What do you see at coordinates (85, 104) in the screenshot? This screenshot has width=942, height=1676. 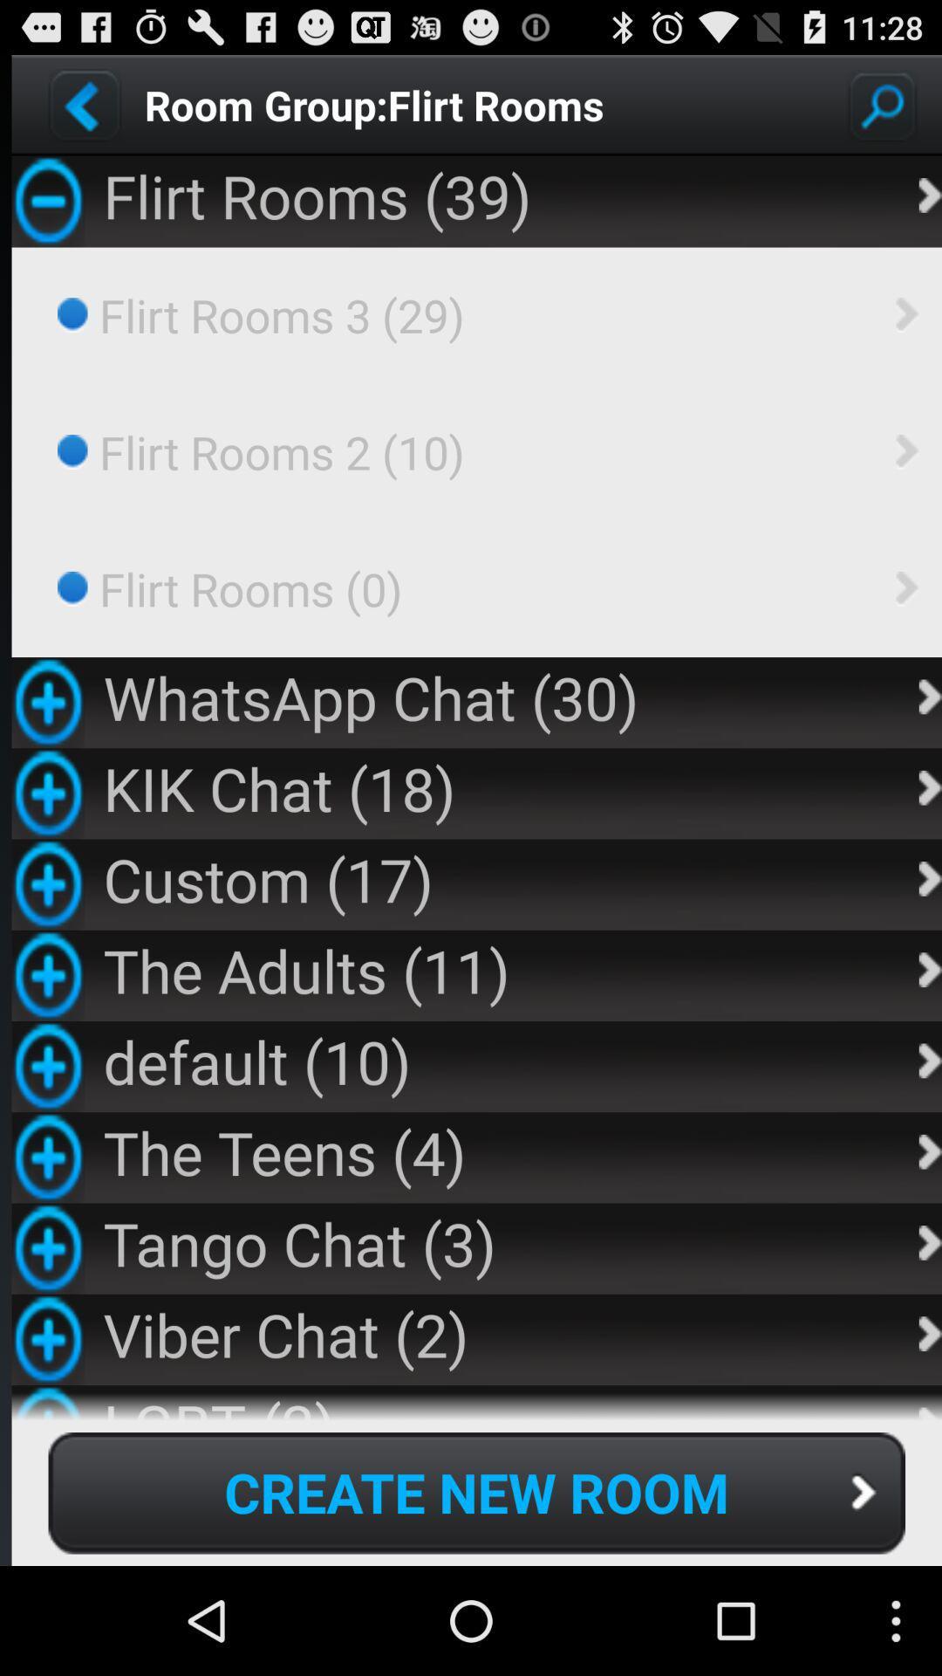 I see `go back` at bounding box center [85, 104].